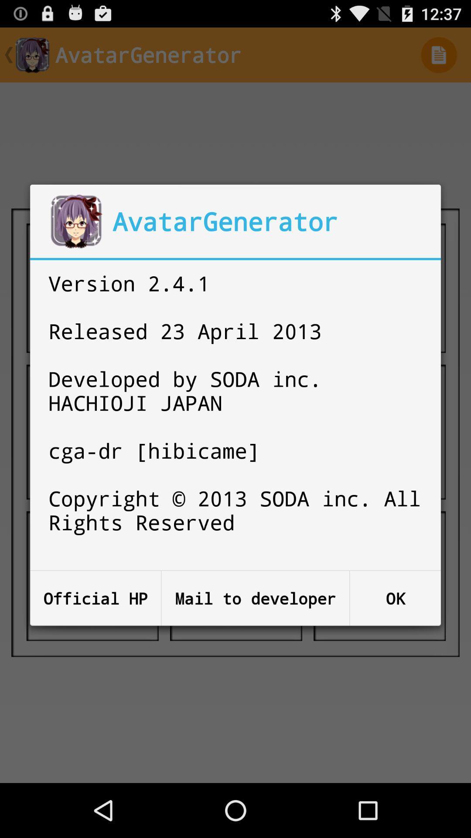 This screenshot has width=471, height=838. Describe the element at coordinates (255, 598) in the screenshot. I see `button next to ok` at that location.